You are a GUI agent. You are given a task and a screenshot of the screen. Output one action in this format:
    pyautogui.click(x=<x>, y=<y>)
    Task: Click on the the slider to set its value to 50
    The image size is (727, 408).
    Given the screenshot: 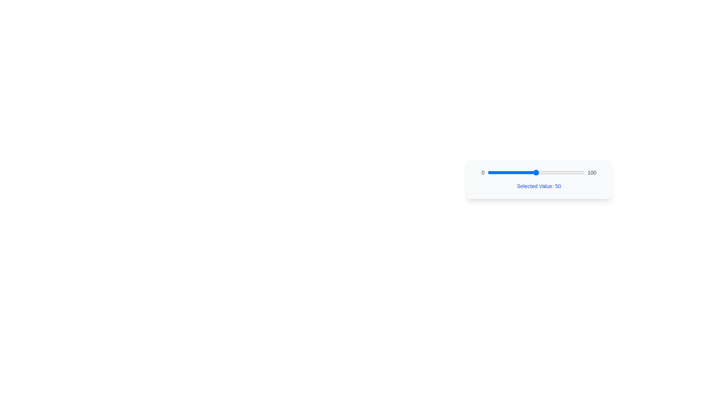 What is the action you would take?
    pyautogui.click(x=535, y=172)
    